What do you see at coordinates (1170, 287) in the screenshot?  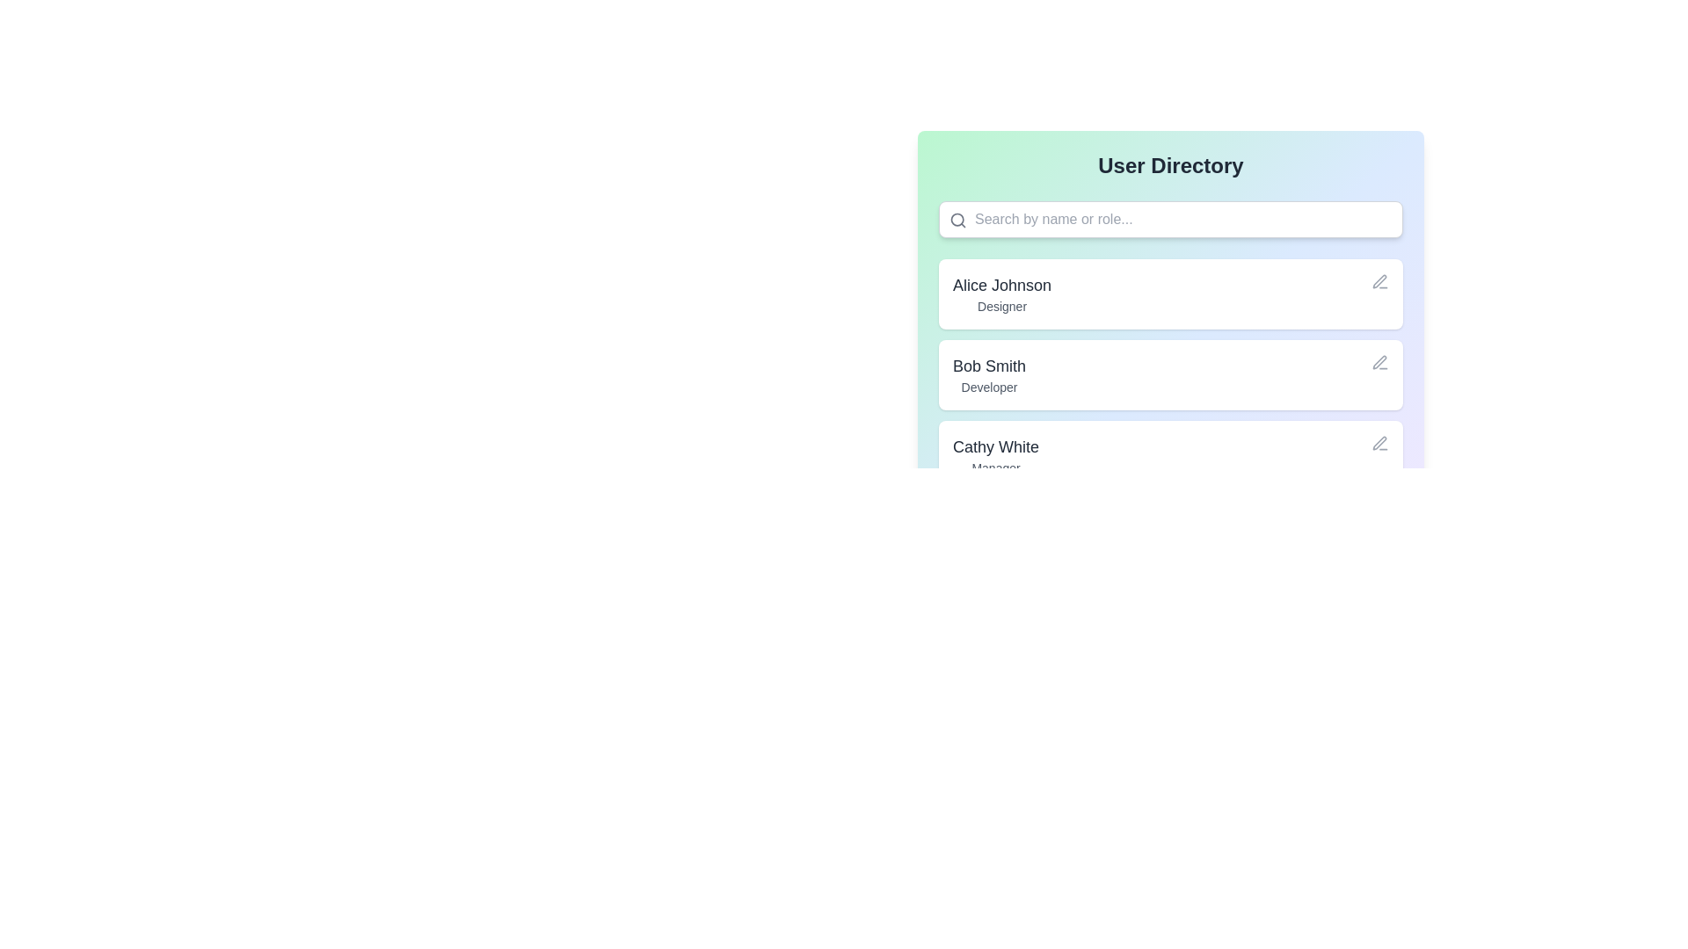 I see `the card for user 'Alice Johnson', the first item` at bounding box center [1170, 287].